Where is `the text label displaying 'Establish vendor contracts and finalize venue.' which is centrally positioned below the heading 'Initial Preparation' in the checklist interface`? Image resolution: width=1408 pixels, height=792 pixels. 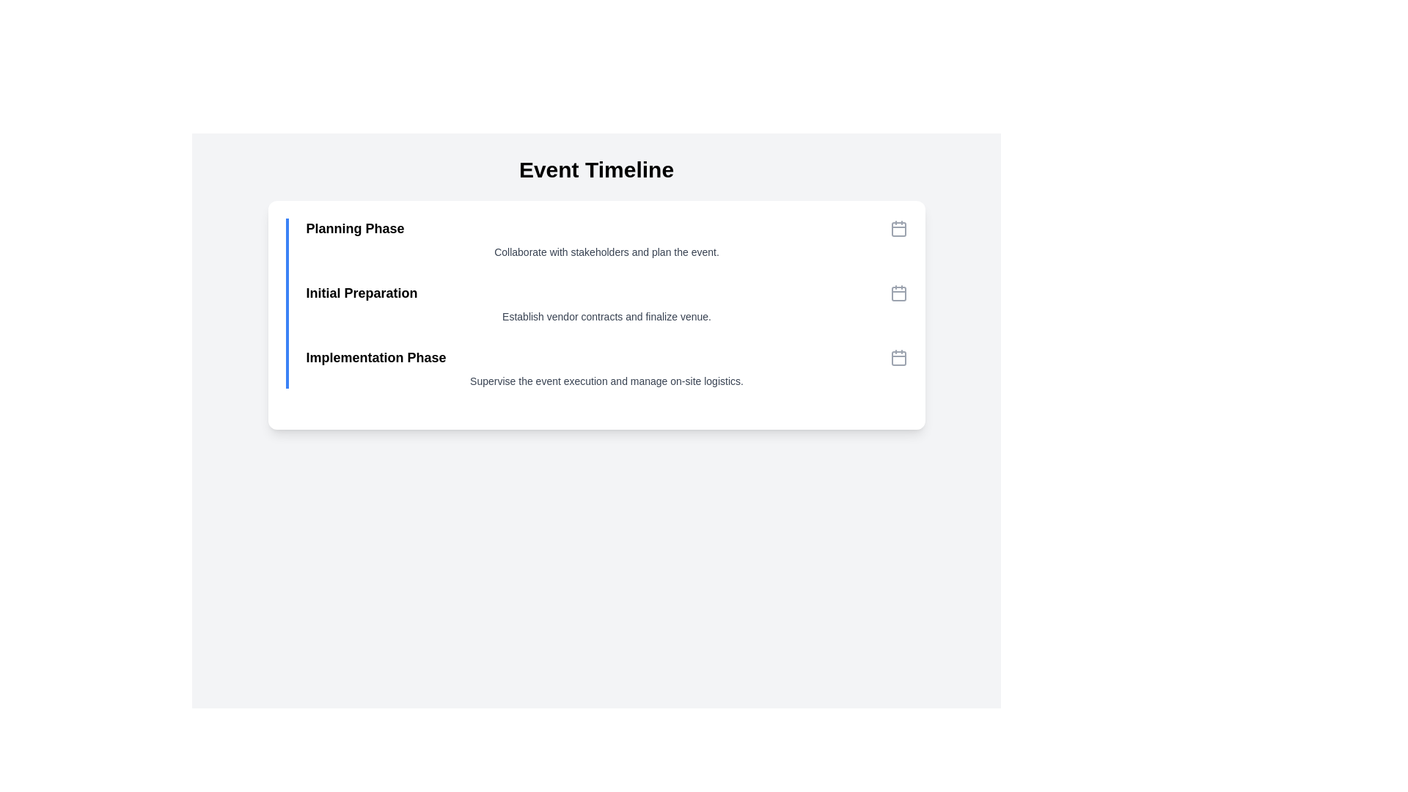
the text label displaying 'Establish vendor contracts and finalize venue.' which is centrally positioned below the heading 'Initial Preparation' in the checklist interface is located at coordinates (606, 316).